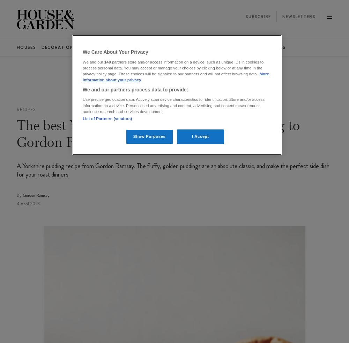  I want to click on 'Video', so click(214, 47).